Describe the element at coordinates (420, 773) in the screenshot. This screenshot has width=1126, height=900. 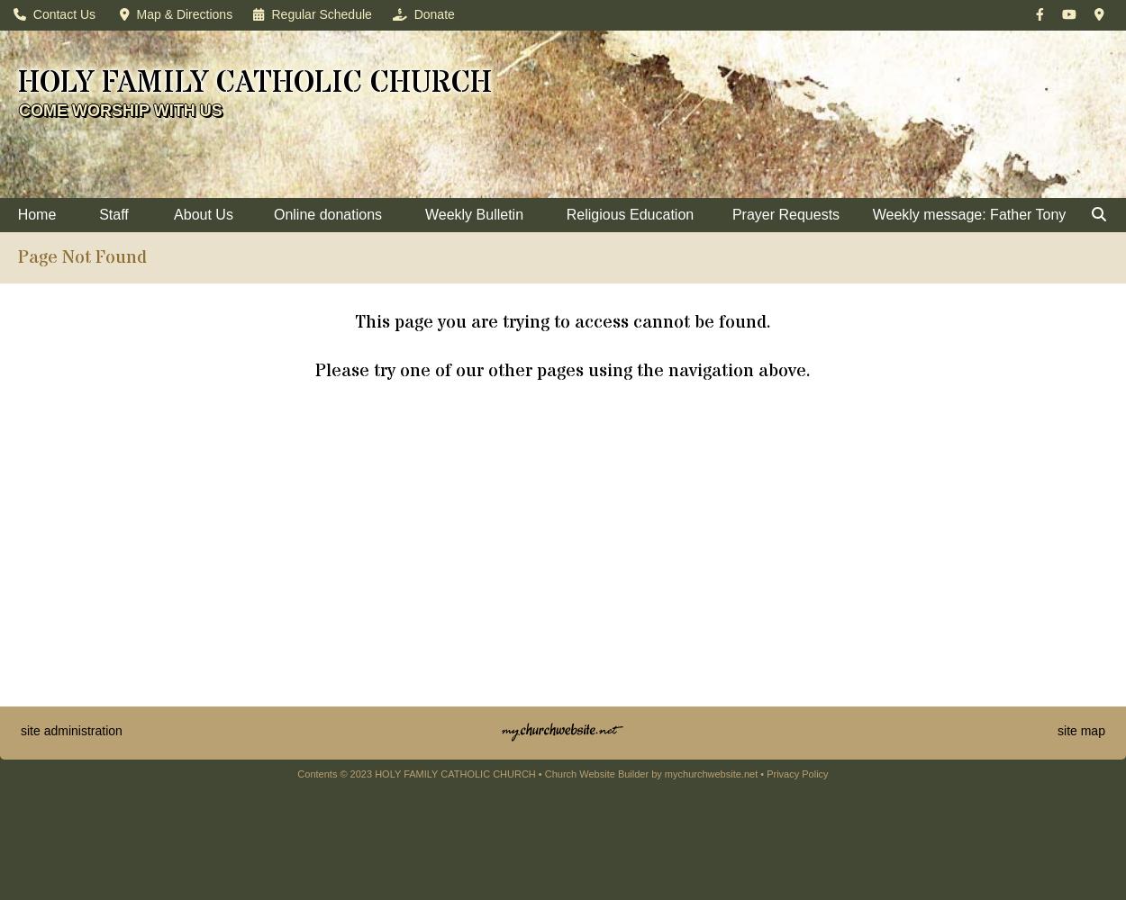
I see `'Contents © 2023 HOLY FAMILY CATHOLIC CHURCH •'` at that location.